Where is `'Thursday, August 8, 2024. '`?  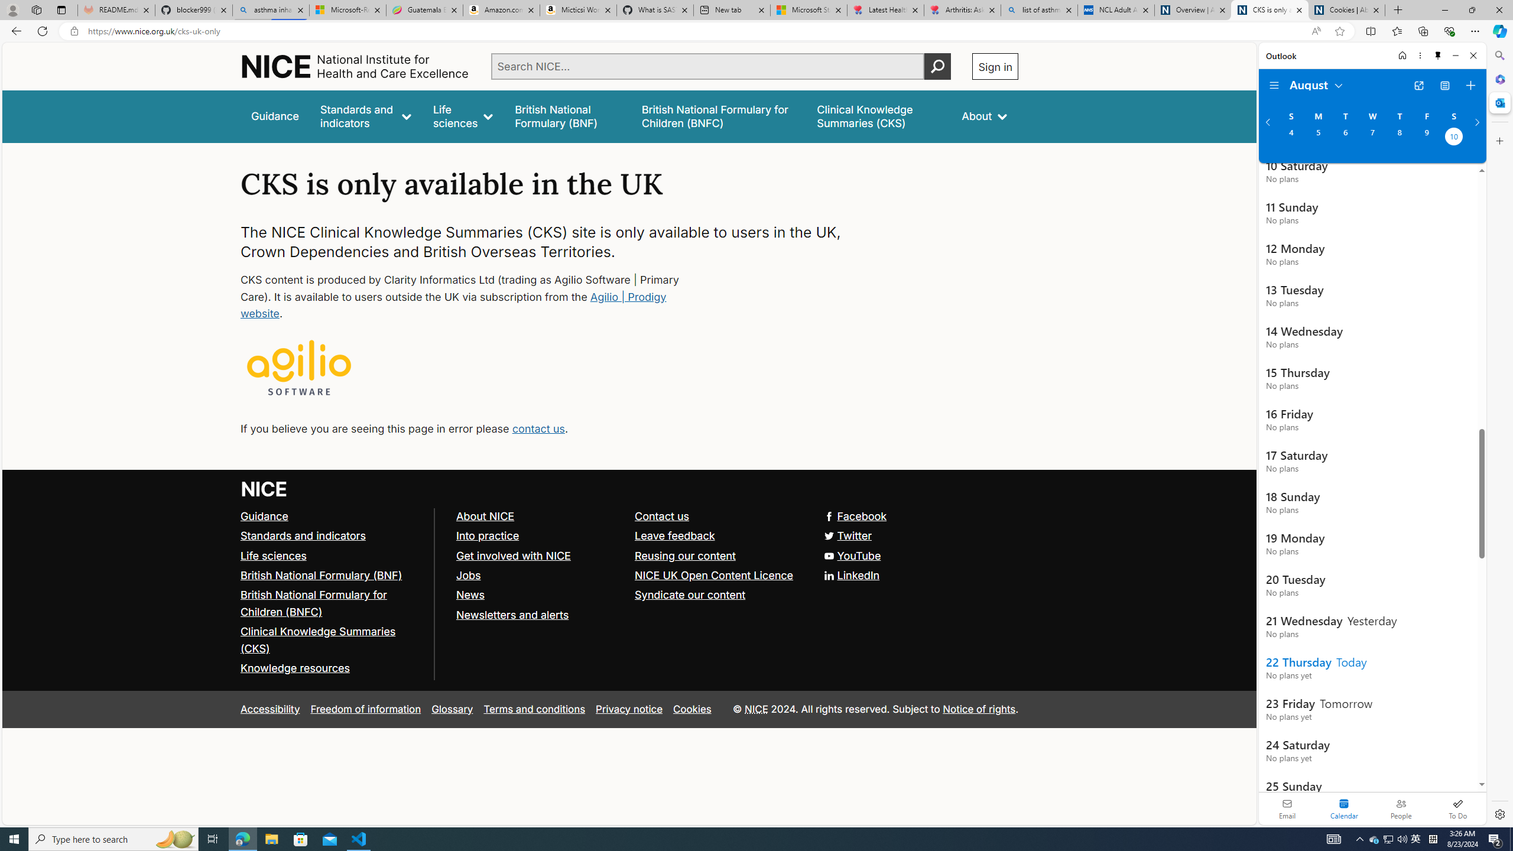 'Thursday, August 8, 2024. ' is located at coordinates (1400, 138).